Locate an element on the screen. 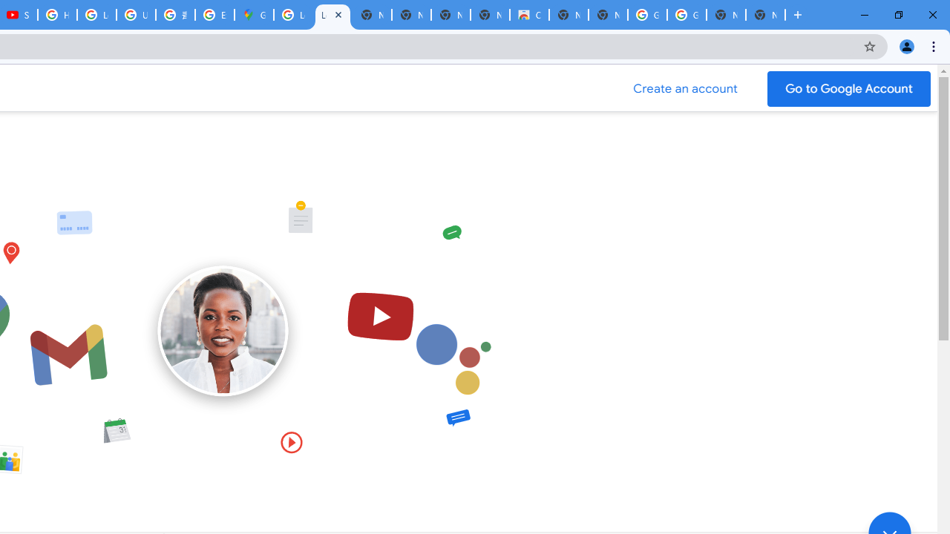 This screenshot has width=950, height=534. 'Google Maps' is located at coordinates (254, 15).